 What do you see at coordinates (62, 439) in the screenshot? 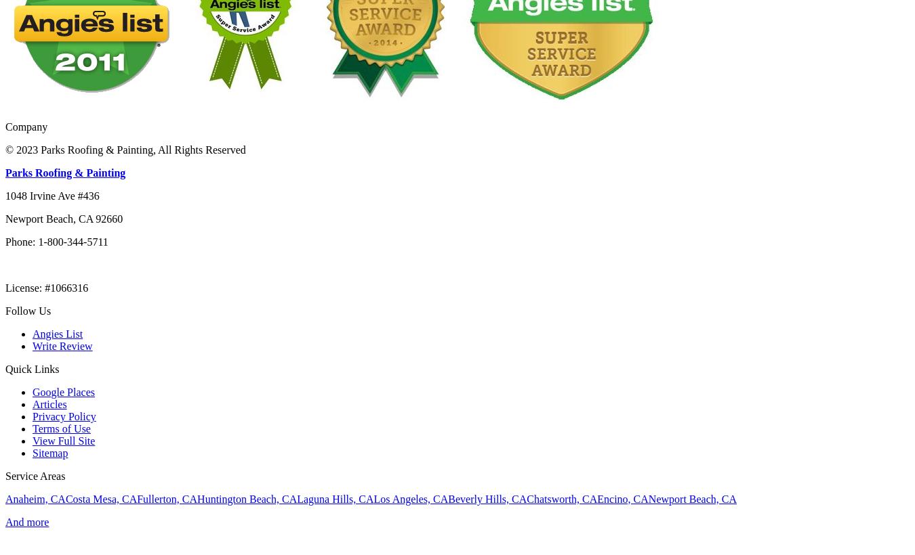
I see `'View Full Site'` at bounding box center [62, 439].